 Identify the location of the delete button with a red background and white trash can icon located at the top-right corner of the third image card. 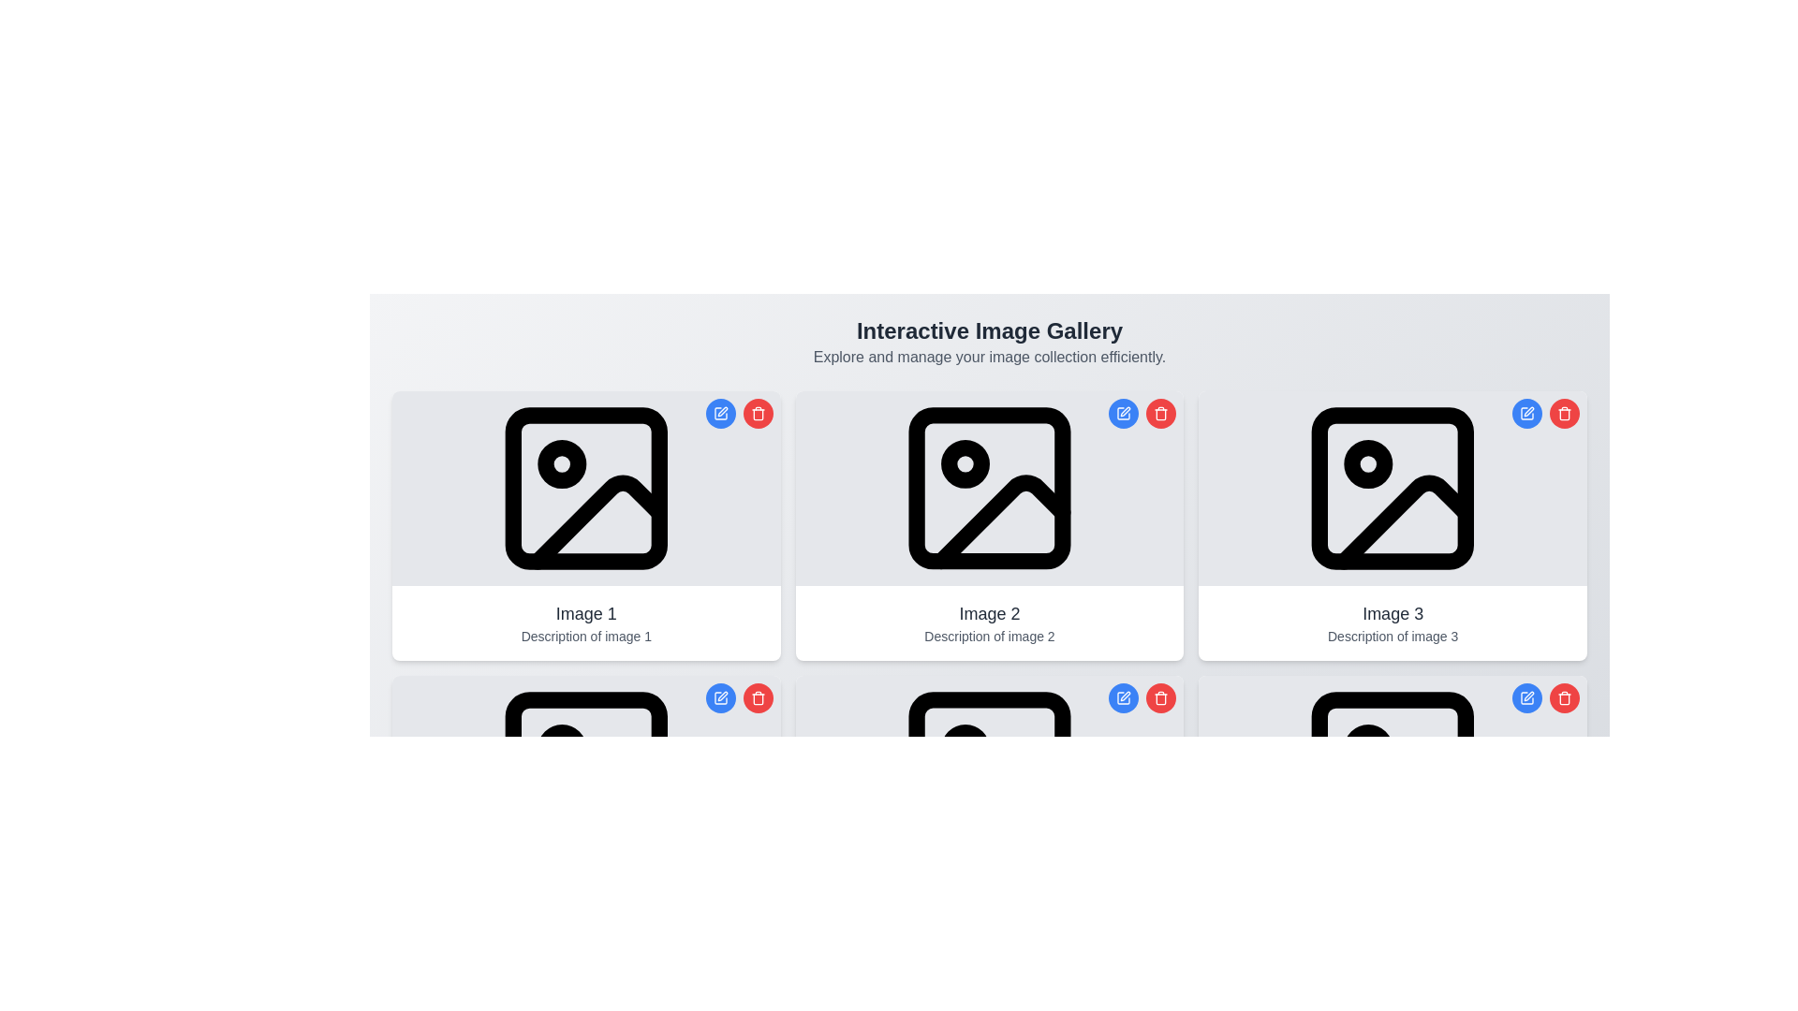
(758, 697).